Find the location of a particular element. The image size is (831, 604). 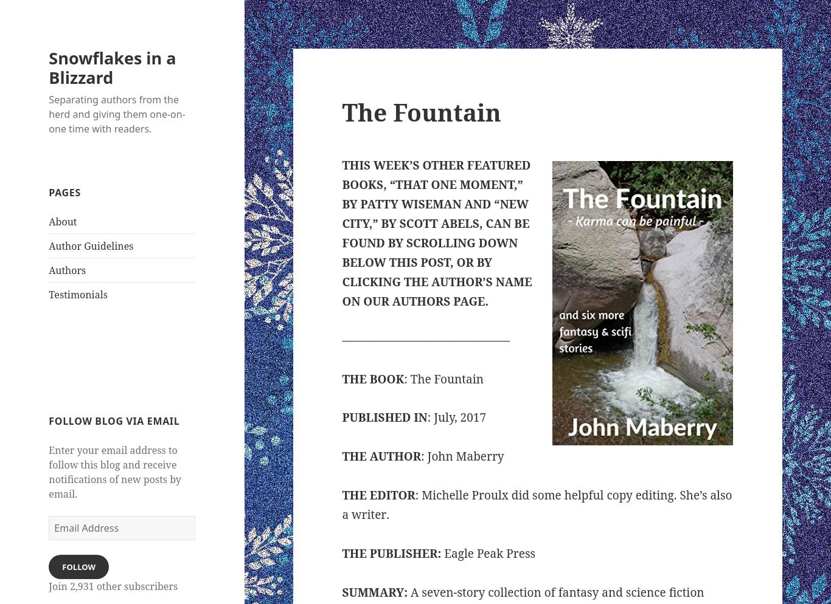

'Follow Blog via Email' is located at coordinates (113, 420).